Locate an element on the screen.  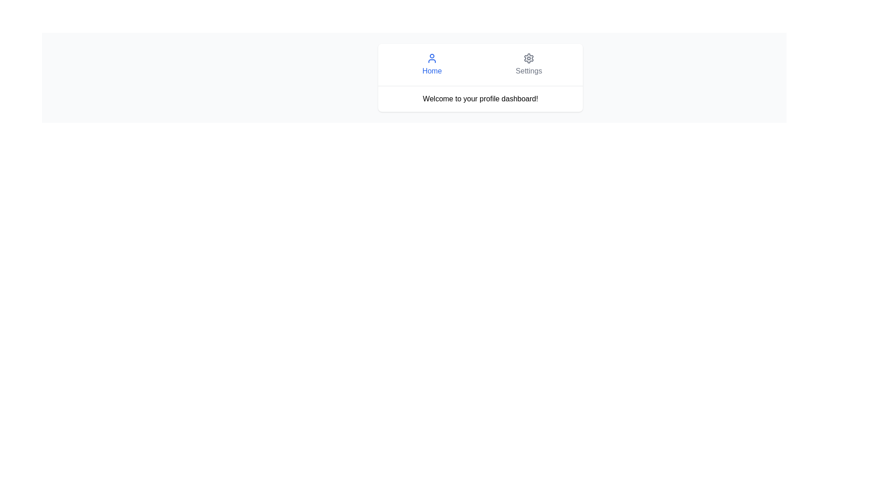
text label 'Settings' styled in gray, which is located next to a settings icon in the navigation section at the top center of the interface is located at coordinates (528, 70).